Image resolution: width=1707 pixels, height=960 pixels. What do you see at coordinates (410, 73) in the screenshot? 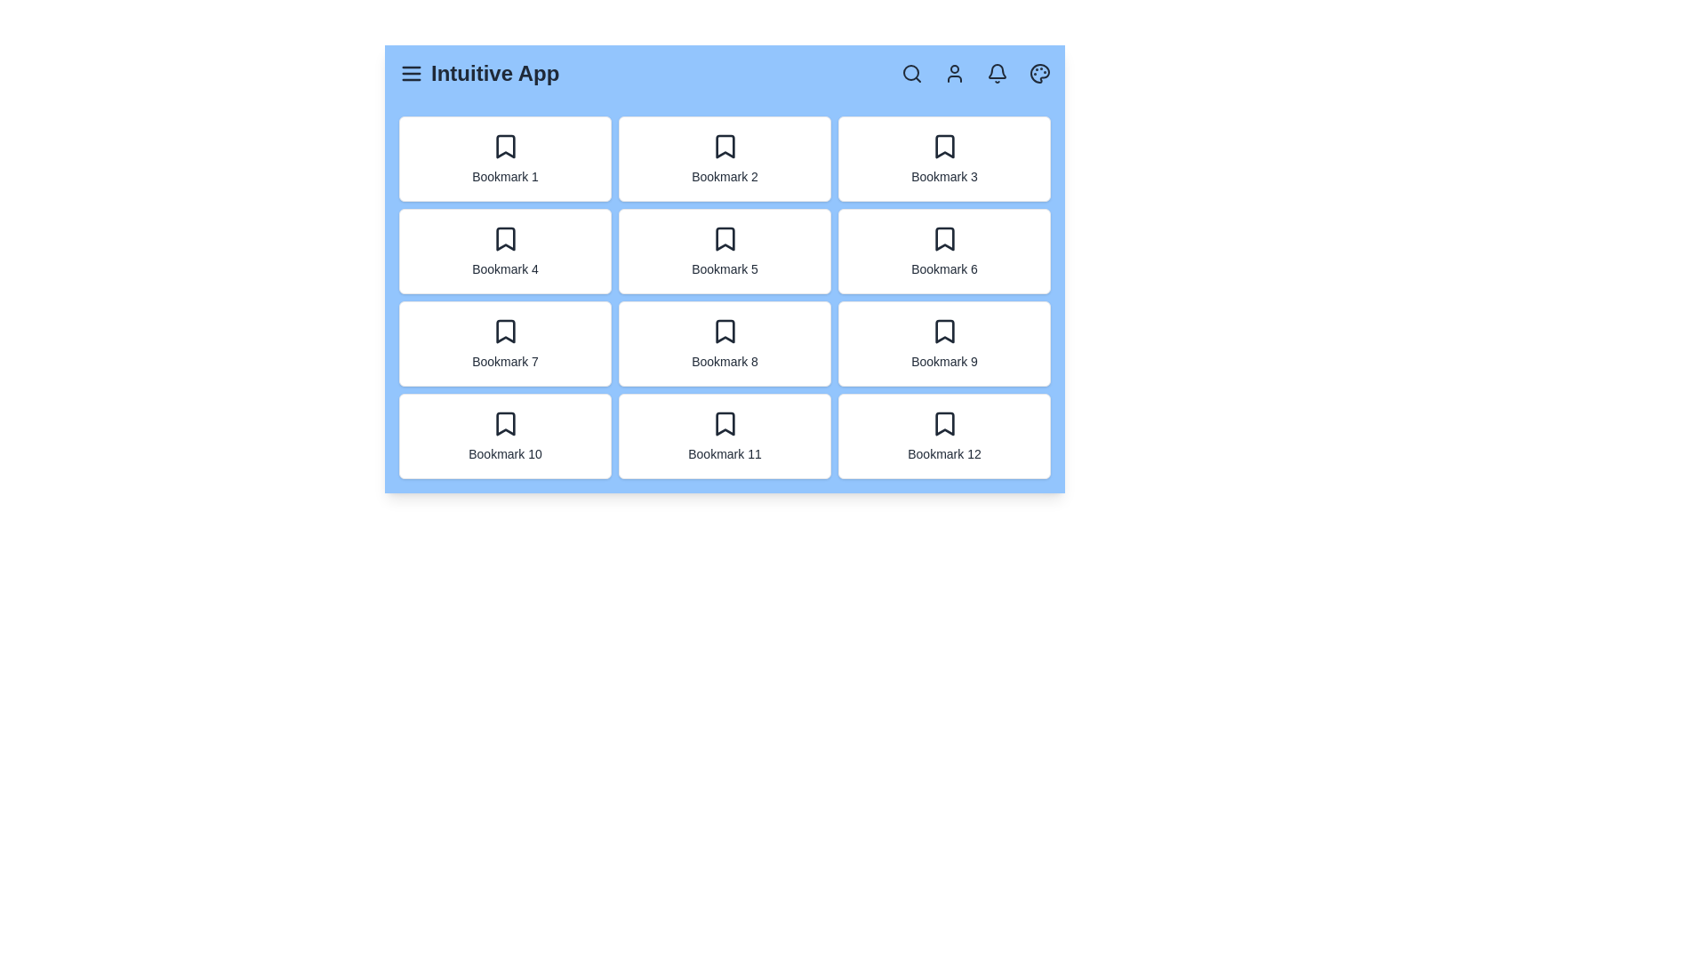
I see `the menu icon to reveal options` at bounding box center [410, 73].